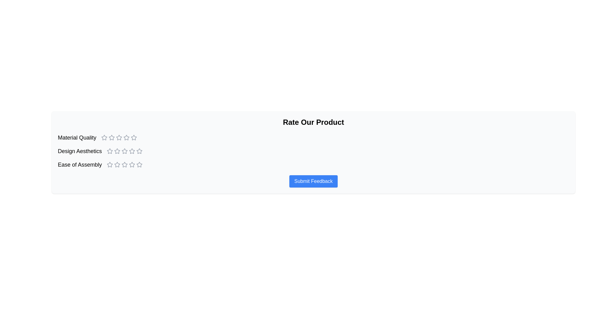 The width and height of the screenshot is (591, 332). Describe the element at coordinates (117, 164) in the screenshot. I see `the third star in the third row of the three-row star rating group` at that location.